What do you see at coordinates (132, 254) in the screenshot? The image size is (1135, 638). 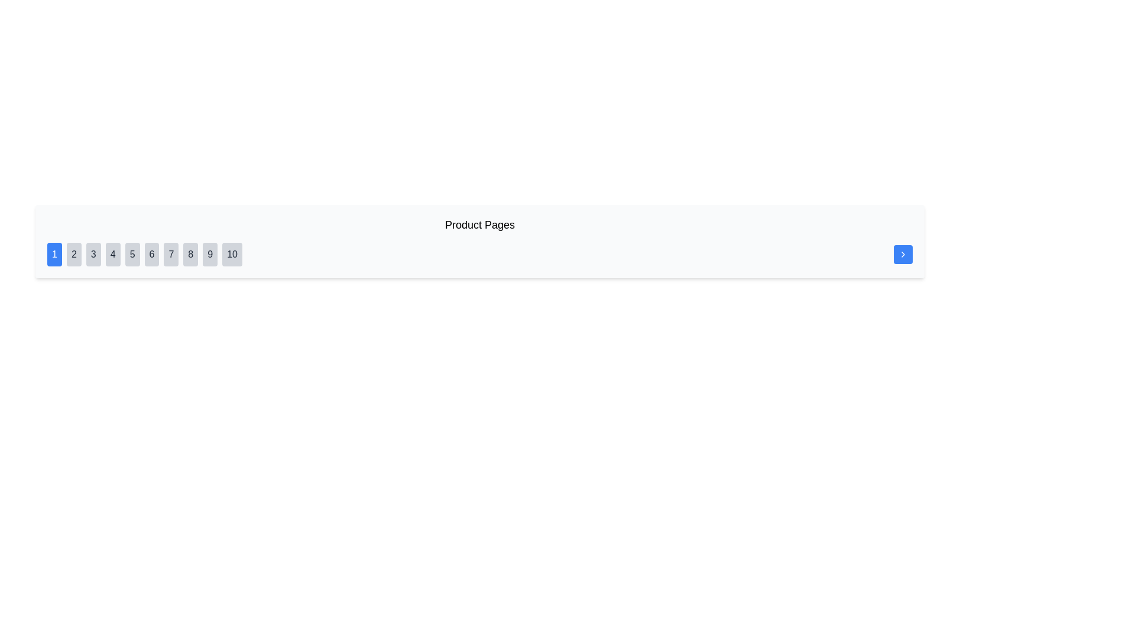 I see `the pagination button labeled '5'` at bounding box center [132, 254].